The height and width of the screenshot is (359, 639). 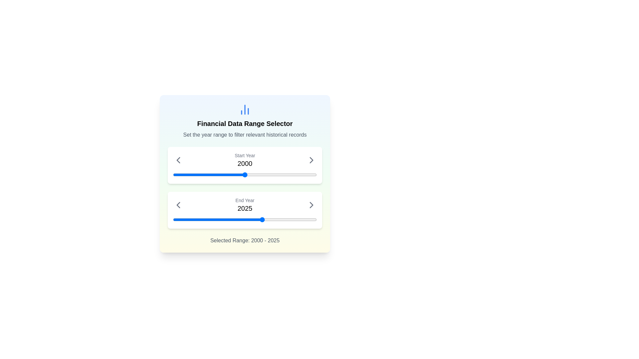 What do you see at coordinates (188, 219) in the screenshot?
I see `the slider` at bounding box center [188, 219].